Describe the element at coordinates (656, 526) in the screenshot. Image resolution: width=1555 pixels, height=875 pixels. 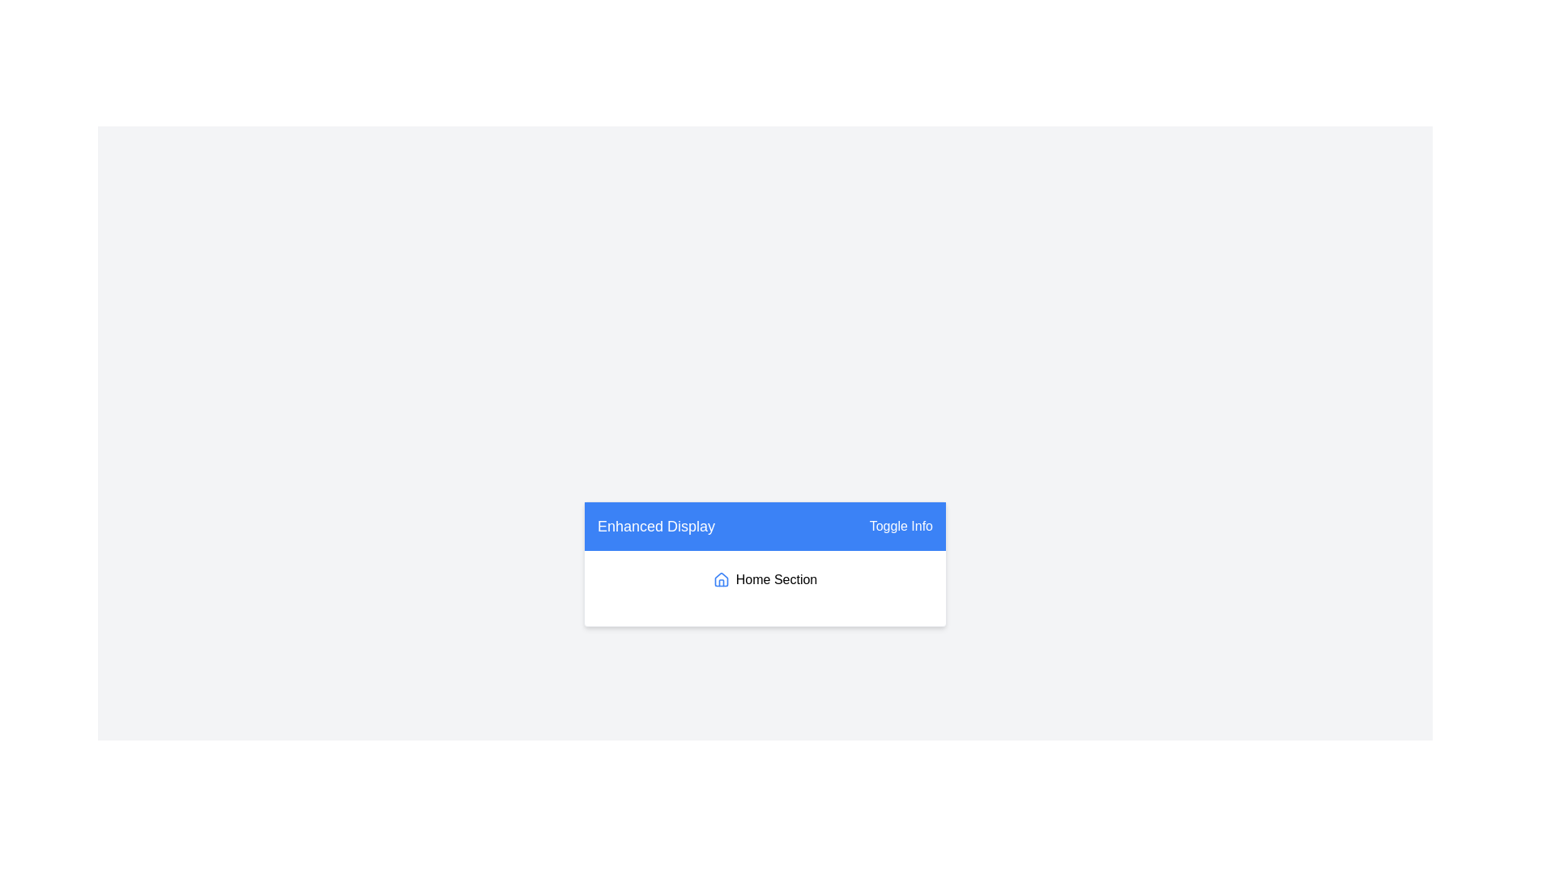
I see `the Text Label located in the header section, which serves as the title or label for the section` at that location.